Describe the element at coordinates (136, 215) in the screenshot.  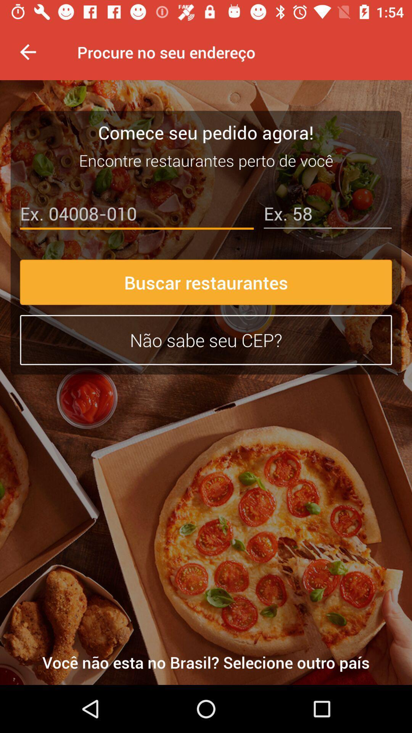
I see `clicar para buscar restaurante` at that location.